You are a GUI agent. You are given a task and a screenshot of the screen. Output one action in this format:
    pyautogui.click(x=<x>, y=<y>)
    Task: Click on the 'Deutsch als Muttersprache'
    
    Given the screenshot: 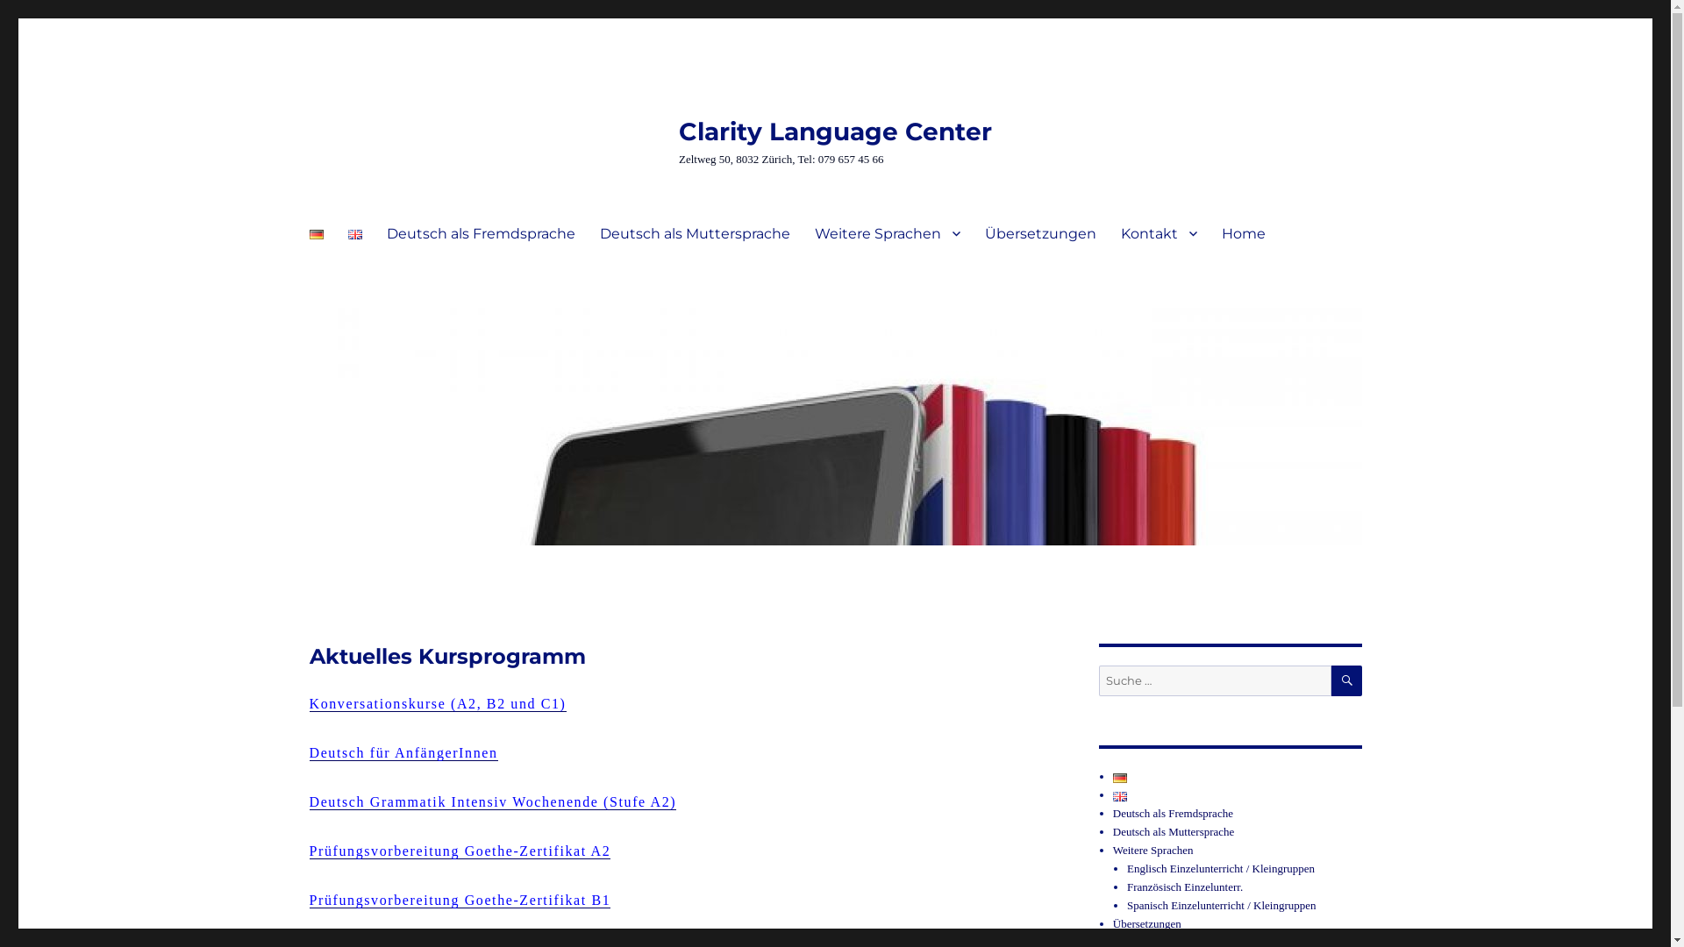 What is the action you would take?
    pyautogui.click(x=694, y=232)
    